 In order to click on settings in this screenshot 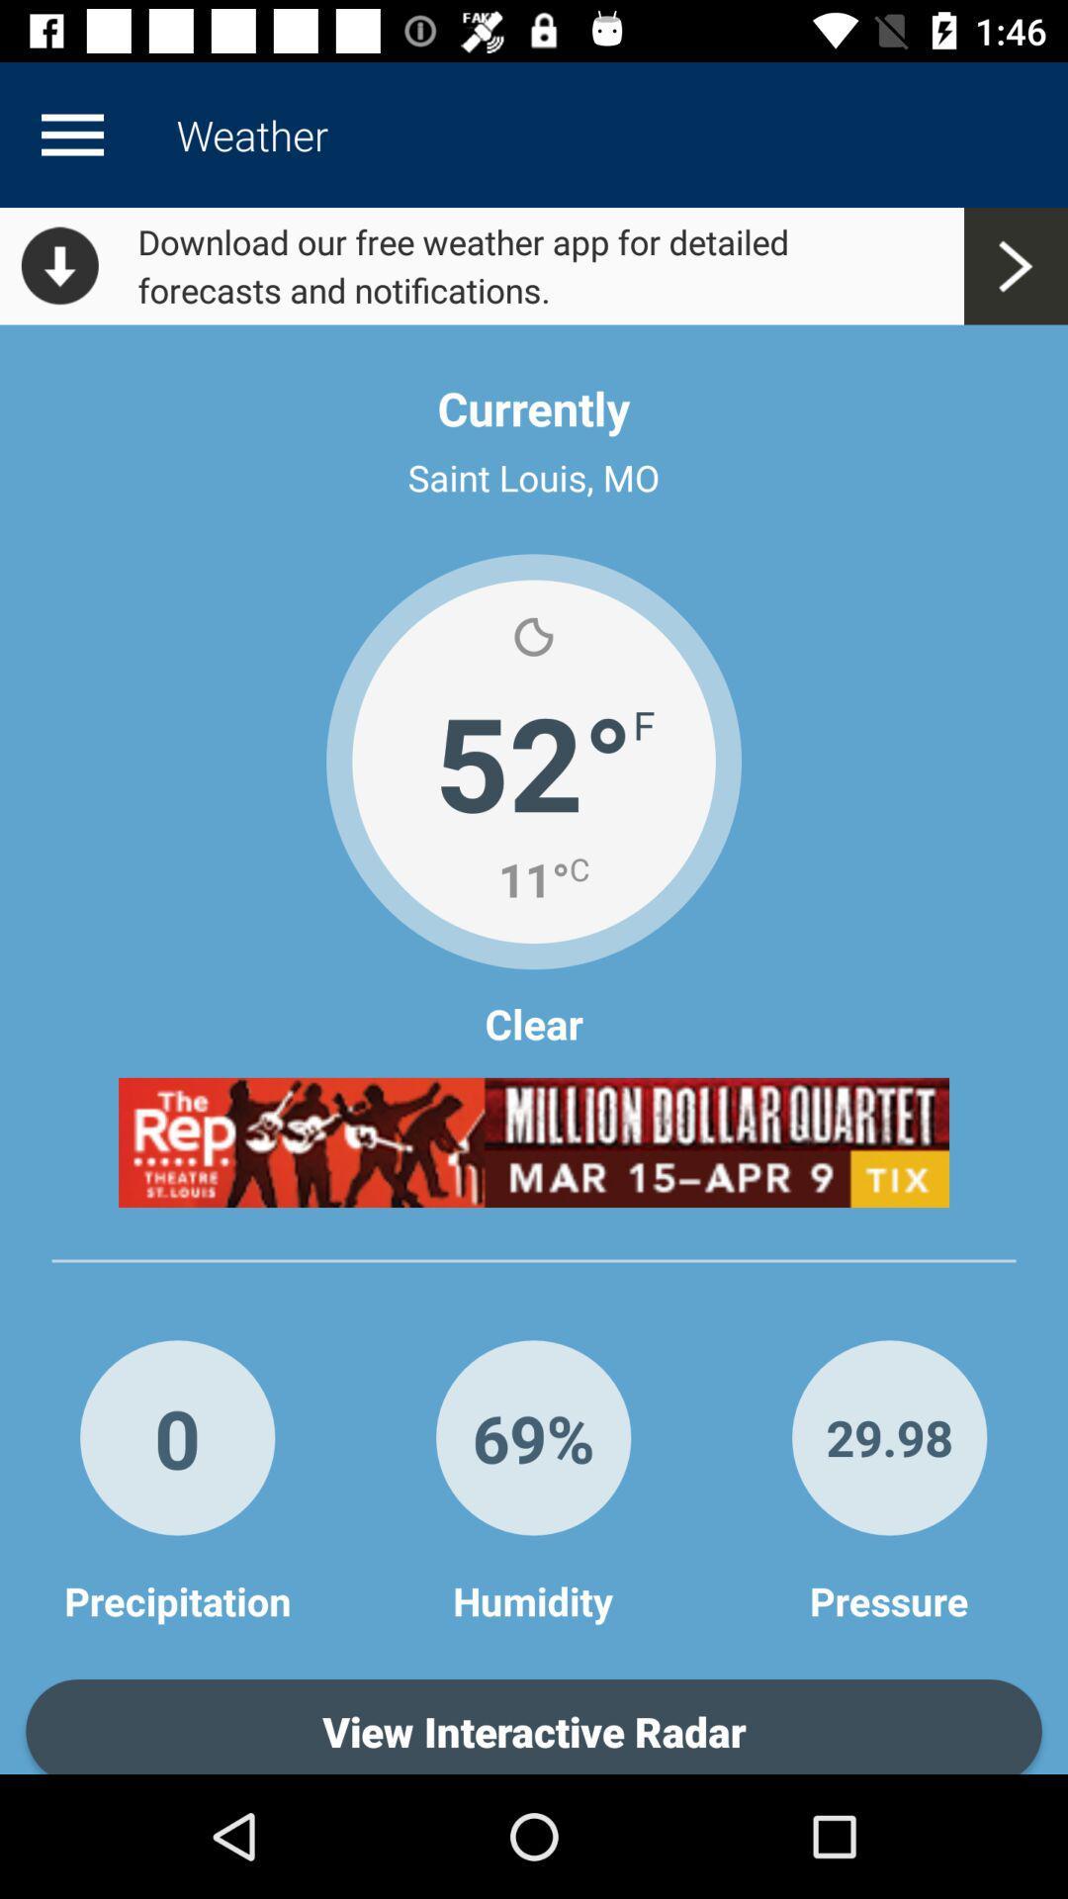, I will do `click(71, 134)`.